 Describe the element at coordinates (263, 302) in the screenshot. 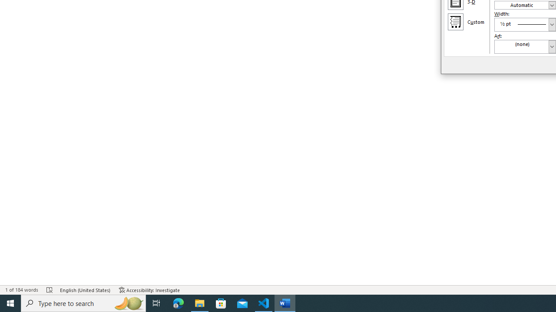

I see `'Visual Studio Code - 1 running window'` at that location.